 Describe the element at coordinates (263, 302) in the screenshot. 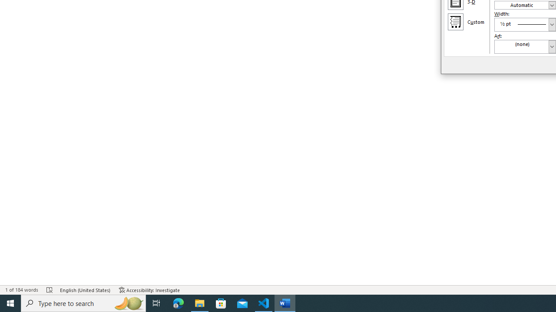

I see `'Visual Studio Code - 1 running window'` at that location.